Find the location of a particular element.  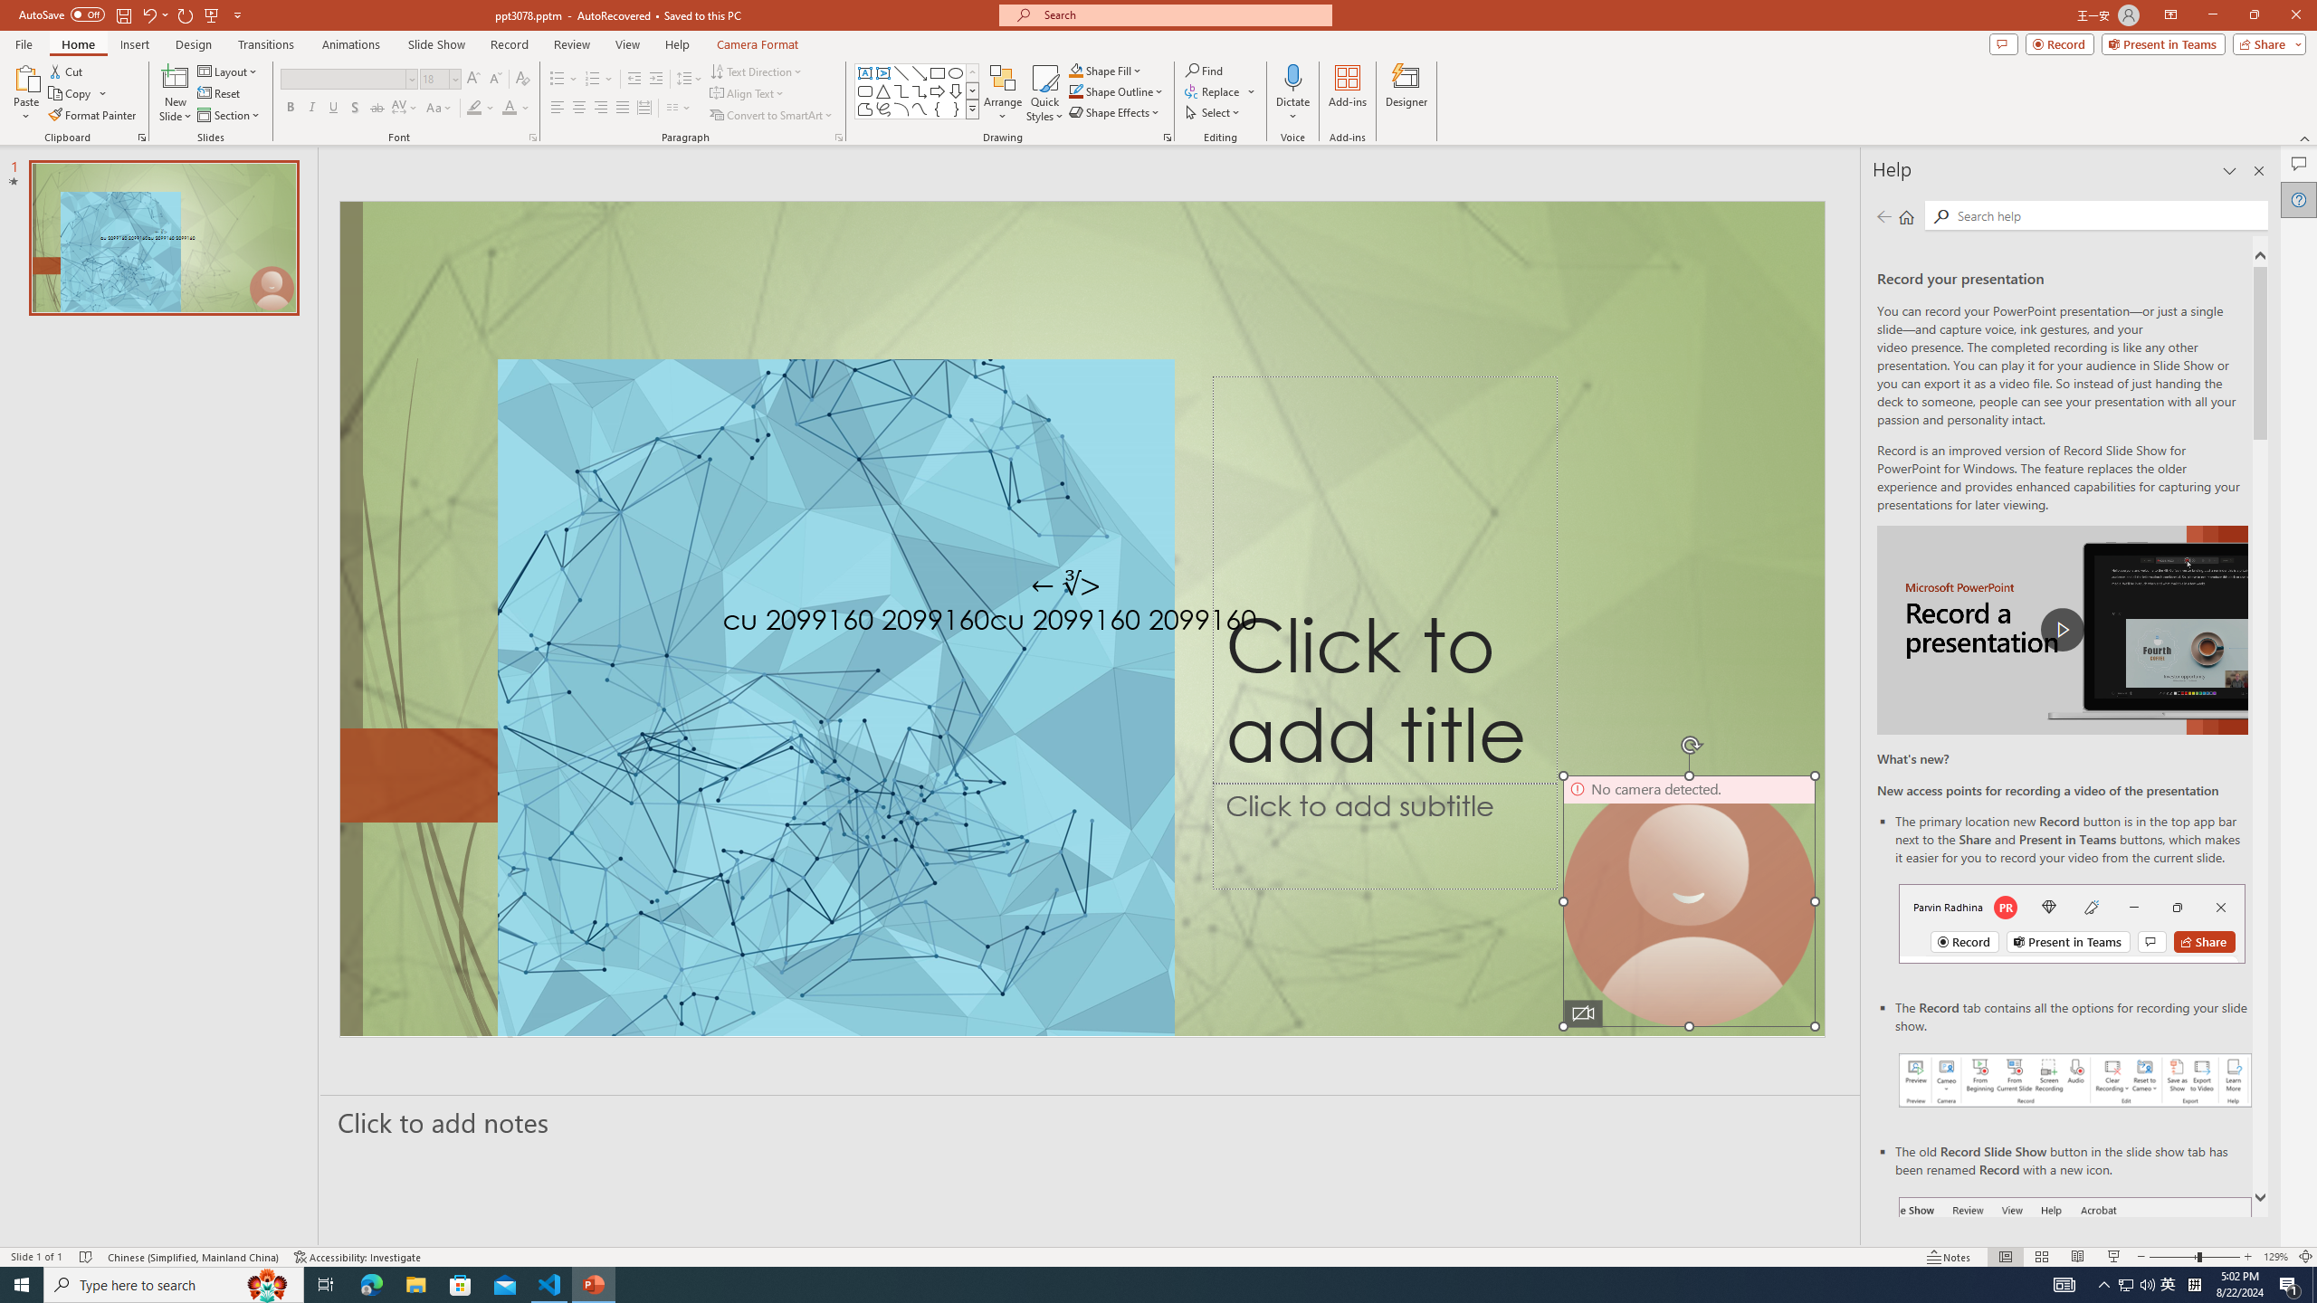

'Zoom to Fit ' is located at coordinates (2305, 1257).